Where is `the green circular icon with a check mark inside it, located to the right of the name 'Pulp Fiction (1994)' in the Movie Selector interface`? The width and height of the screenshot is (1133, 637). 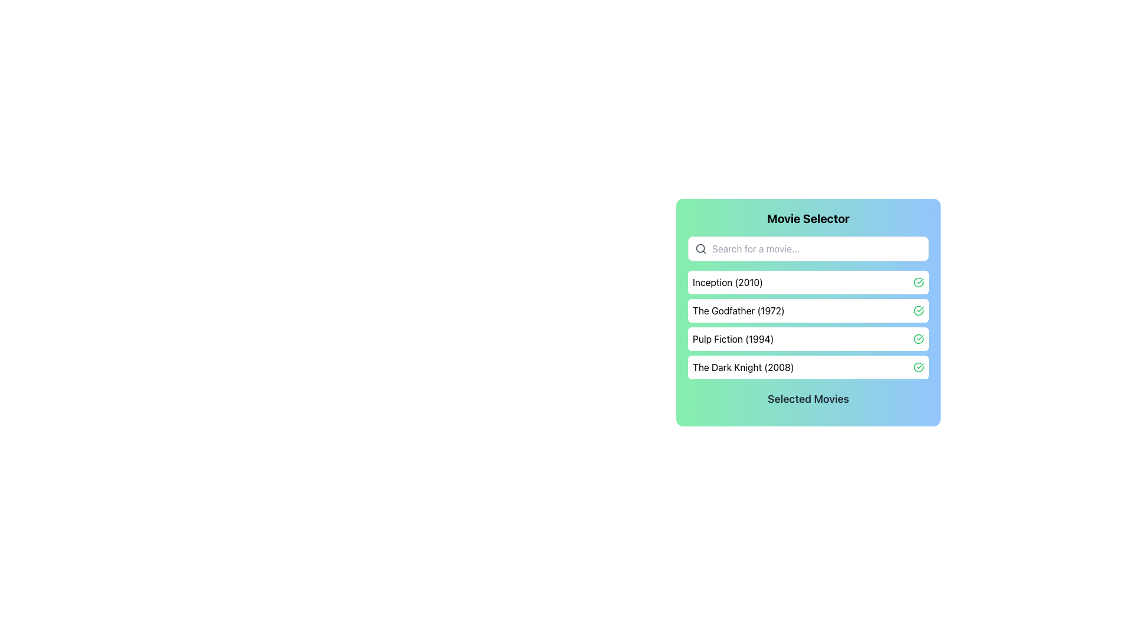
the green circular icon with a check mark inside it, located to the right of the name 'Pulp Fiction (1994)' in the Movie Selector interface is located at coordinates (918, 339).